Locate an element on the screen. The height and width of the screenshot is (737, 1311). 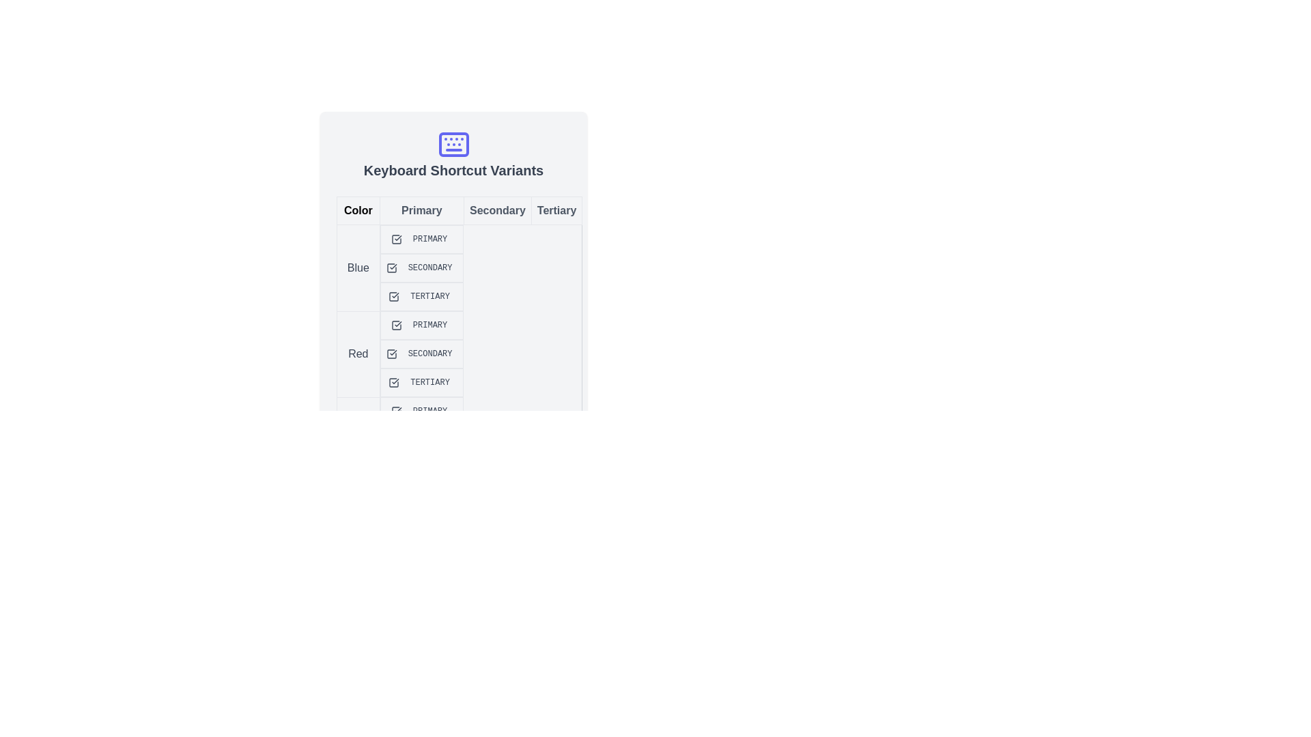
the 'SECONDARY' checkbox element, which features a gray border and a blue checkmark is located at coordinates (421, 268).